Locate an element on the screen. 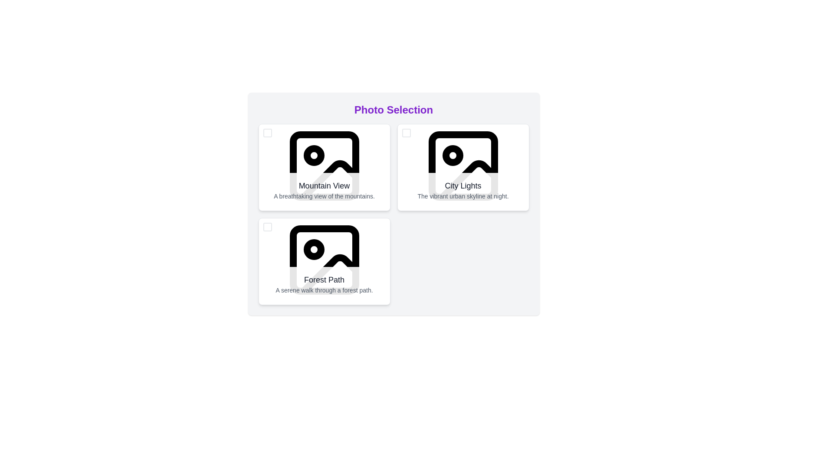 The image size is (833, 468). the 'Mountain View' card component, which features a white background, rounded corners, and an icon of a mountain landscape at the top is located at coordinates (324, 167).